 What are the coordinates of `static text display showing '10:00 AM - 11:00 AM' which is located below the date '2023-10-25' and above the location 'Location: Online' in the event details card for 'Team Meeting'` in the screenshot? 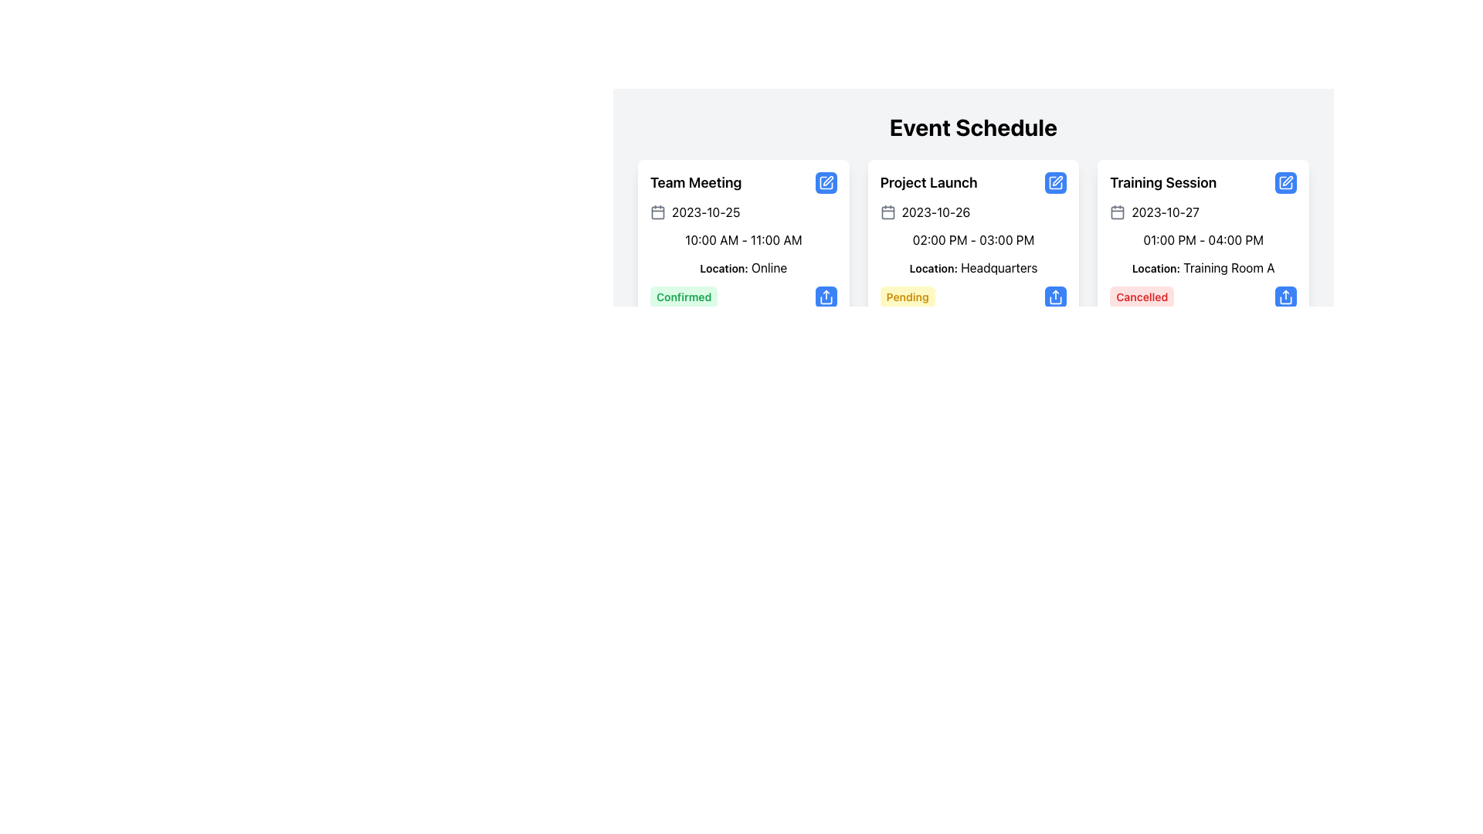 It's located at (743, 240).